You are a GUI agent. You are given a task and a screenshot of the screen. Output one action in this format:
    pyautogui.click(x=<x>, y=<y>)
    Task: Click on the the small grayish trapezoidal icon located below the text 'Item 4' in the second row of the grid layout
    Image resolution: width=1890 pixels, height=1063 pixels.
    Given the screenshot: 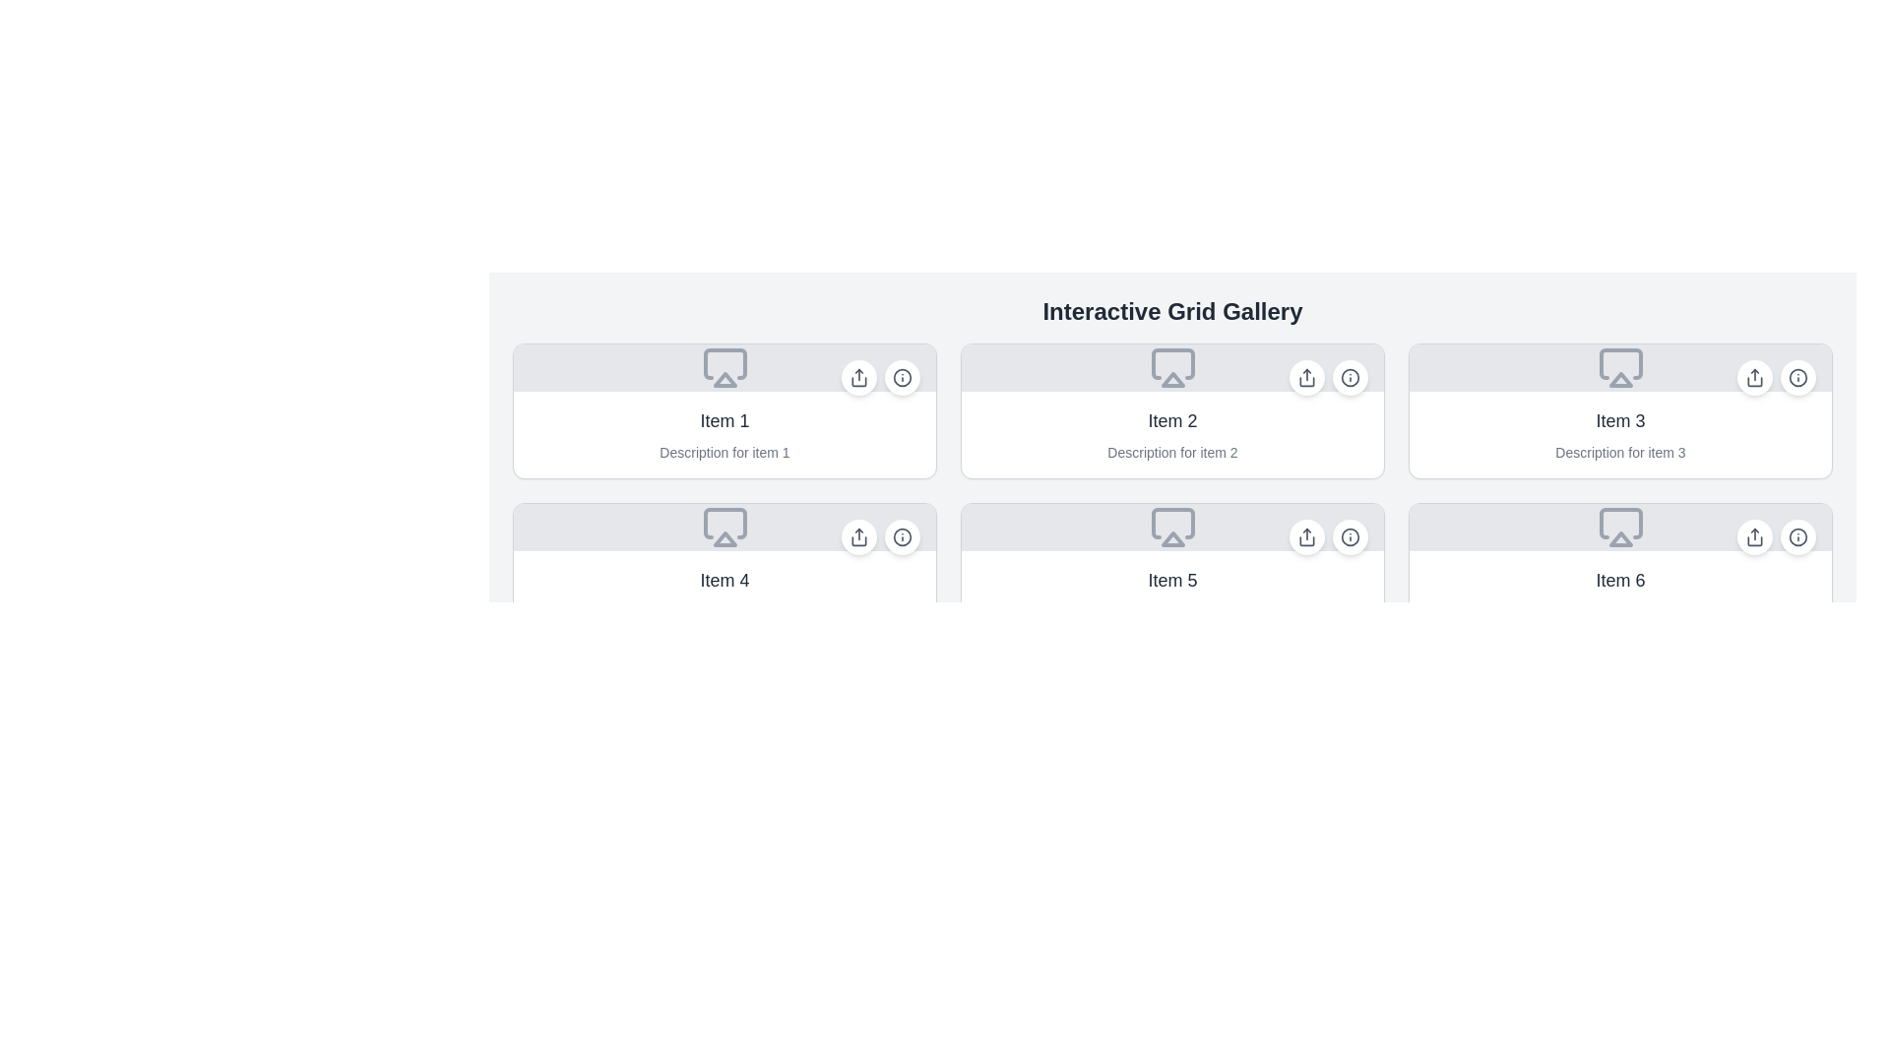 What is the action you would take?
    pyautogui.click(x=724, y=523)
    